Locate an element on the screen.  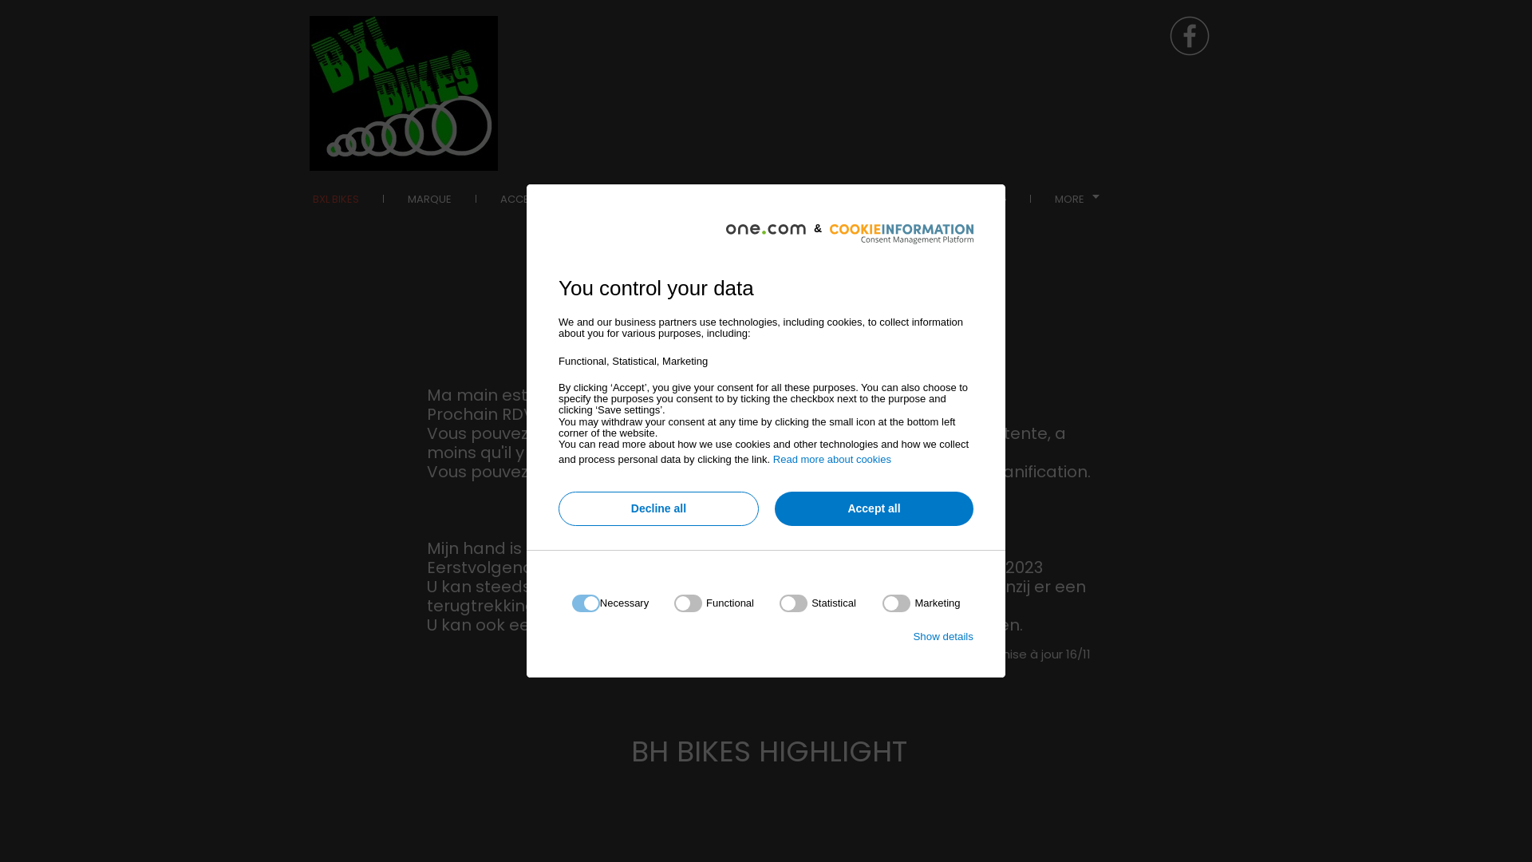
'Show details' is located at coordinates (942, 635).